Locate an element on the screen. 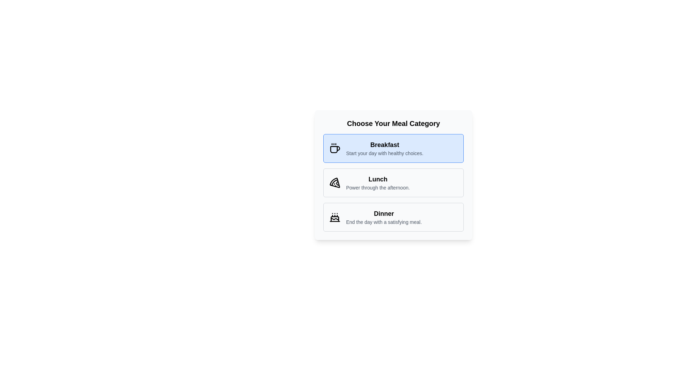  the text block that describes the 'Lunch' meal category, which is positioned between the 'Breakfast' and 'Dinner' options in the vertically stacked menu is located at coordinates (377, 182).